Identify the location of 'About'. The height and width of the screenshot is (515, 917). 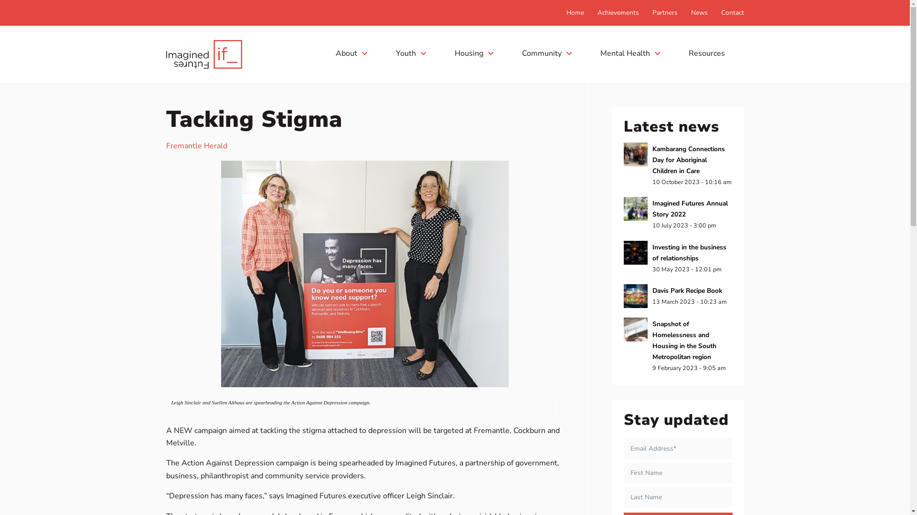
(350, 53).